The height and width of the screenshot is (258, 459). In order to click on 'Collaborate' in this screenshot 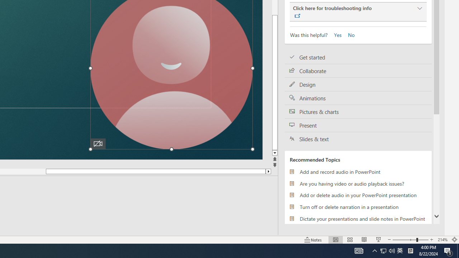, I will do `click(358, 71)`.